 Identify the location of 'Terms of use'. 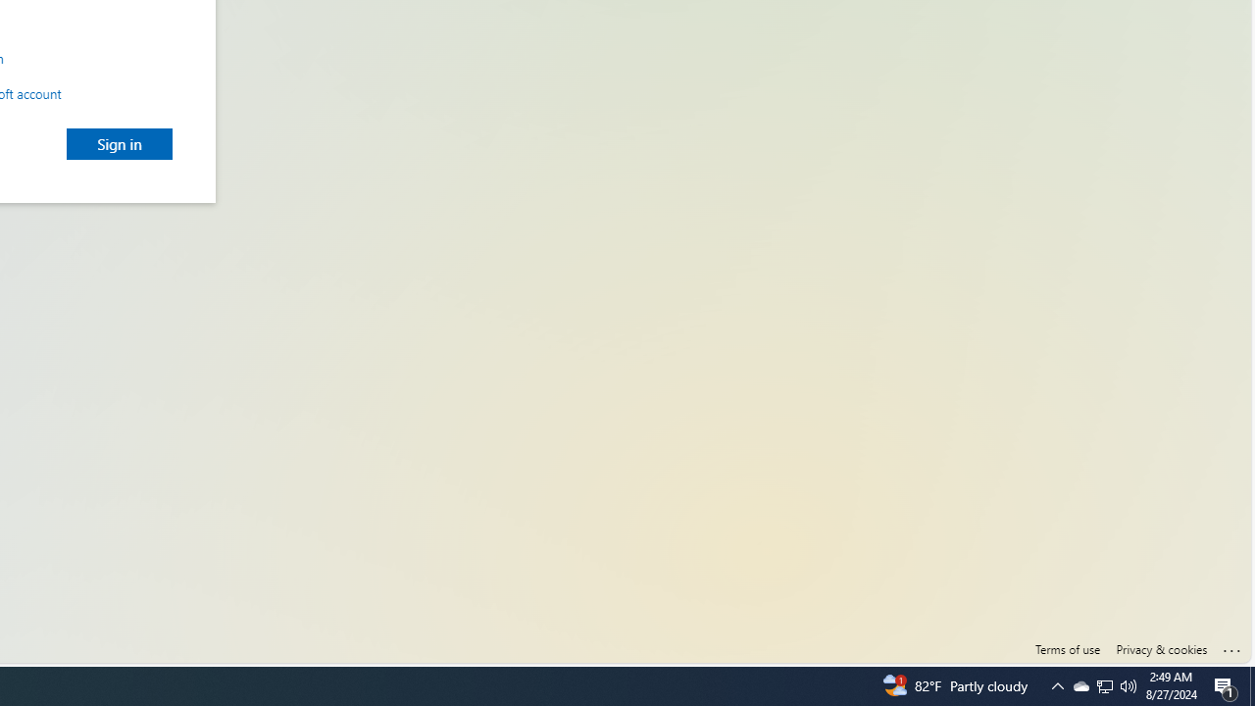
(1066, 649).